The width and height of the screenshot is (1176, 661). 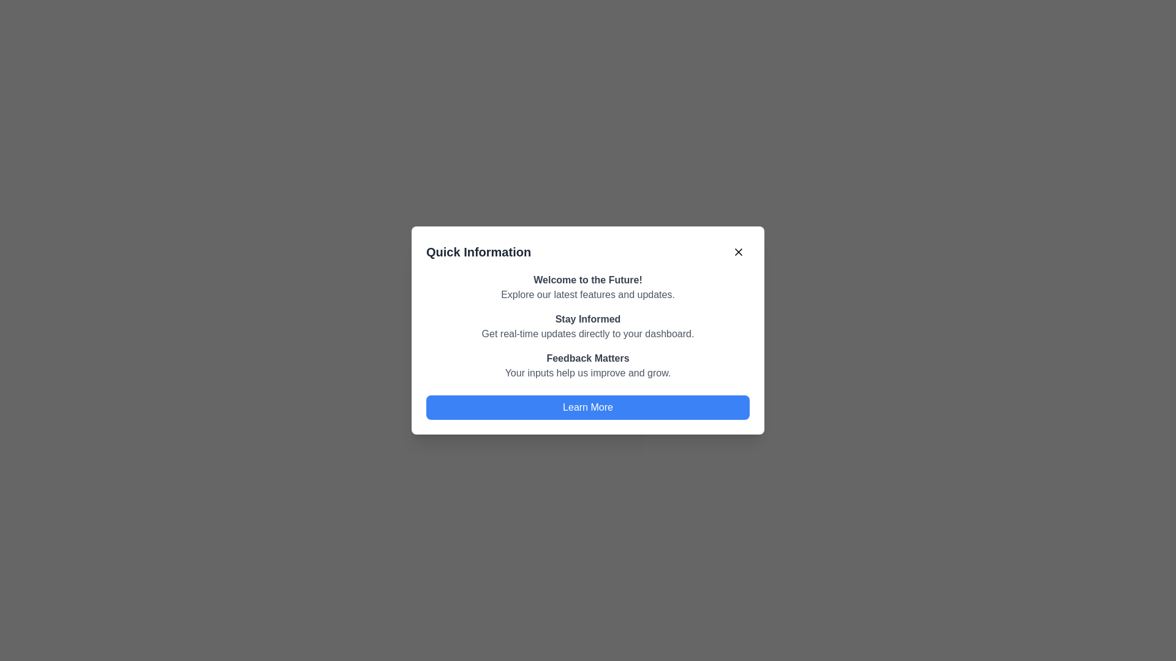 I want to click on the circular button with an 'X' icon located in the top-right corner of the modal dialog, so click(x=737, y=252).